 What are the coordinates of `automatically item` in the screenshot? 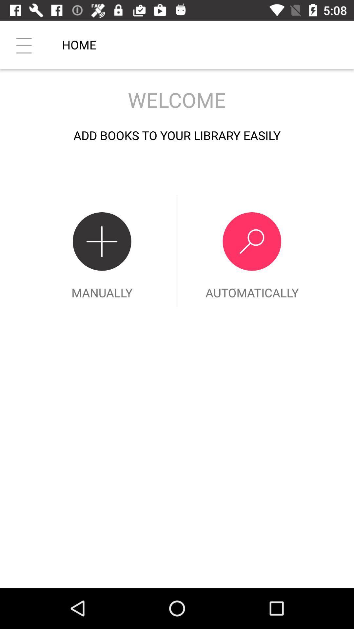 It's located at (251, 251).